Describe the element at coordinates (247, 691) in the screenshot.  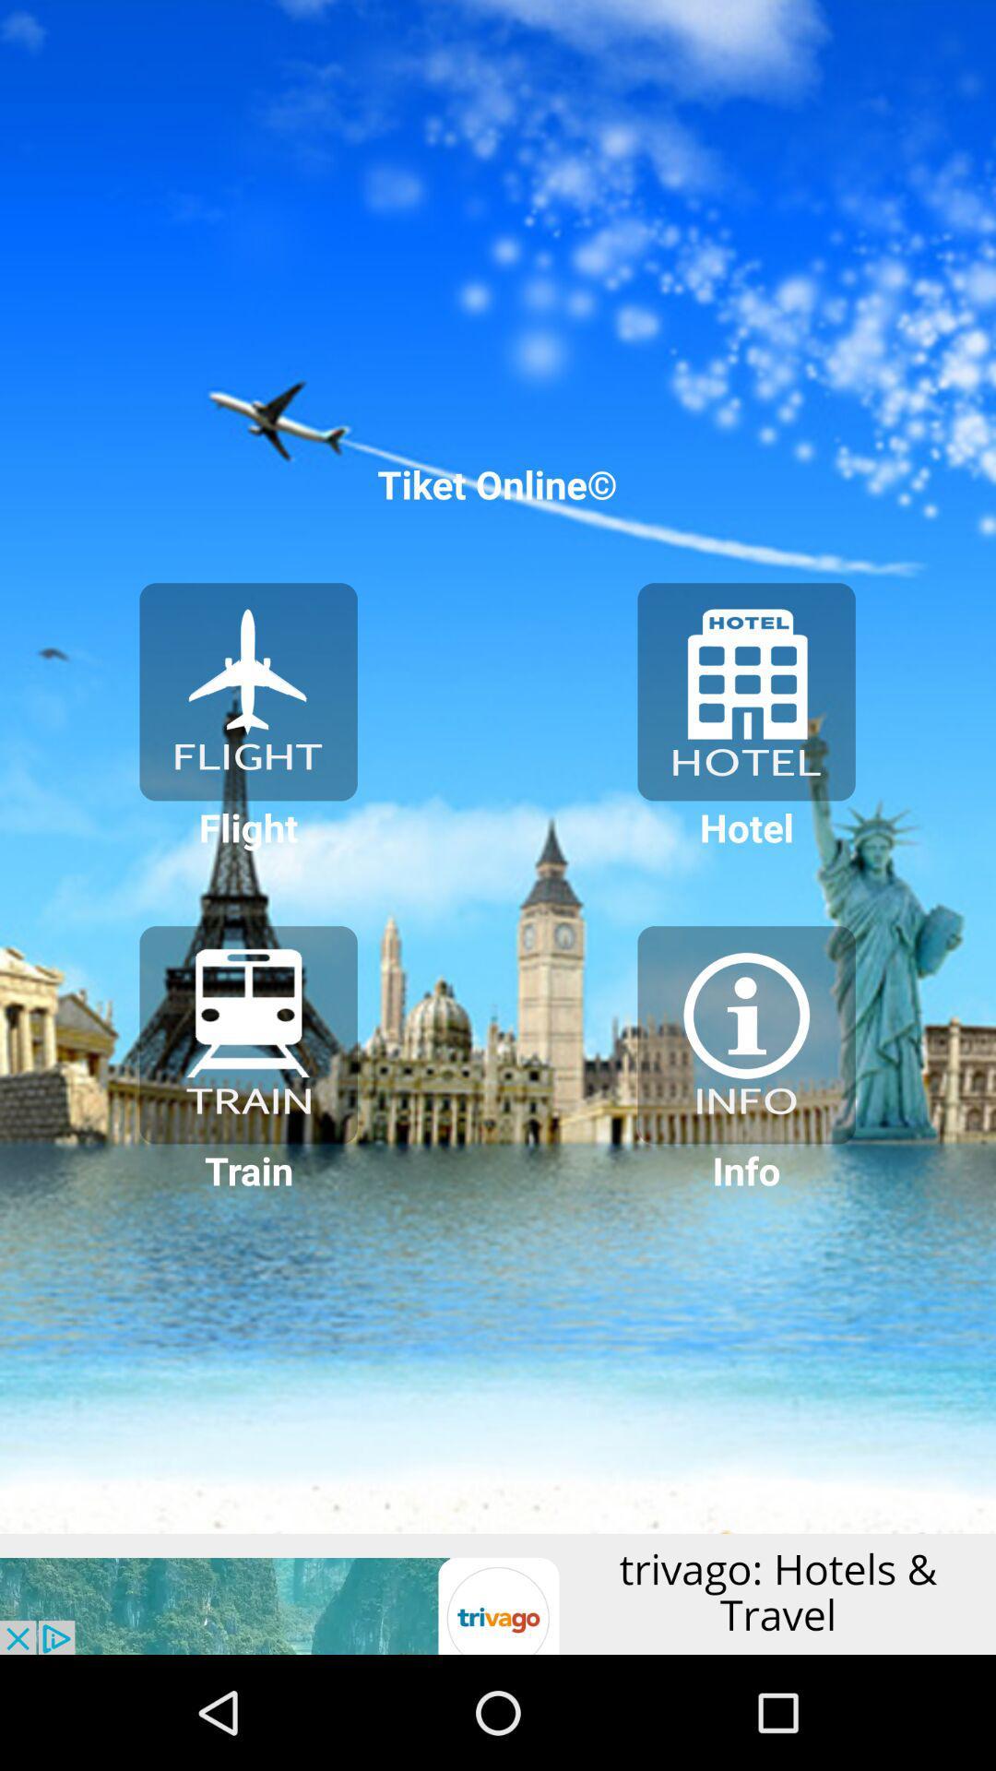
I see `logon` at that location.